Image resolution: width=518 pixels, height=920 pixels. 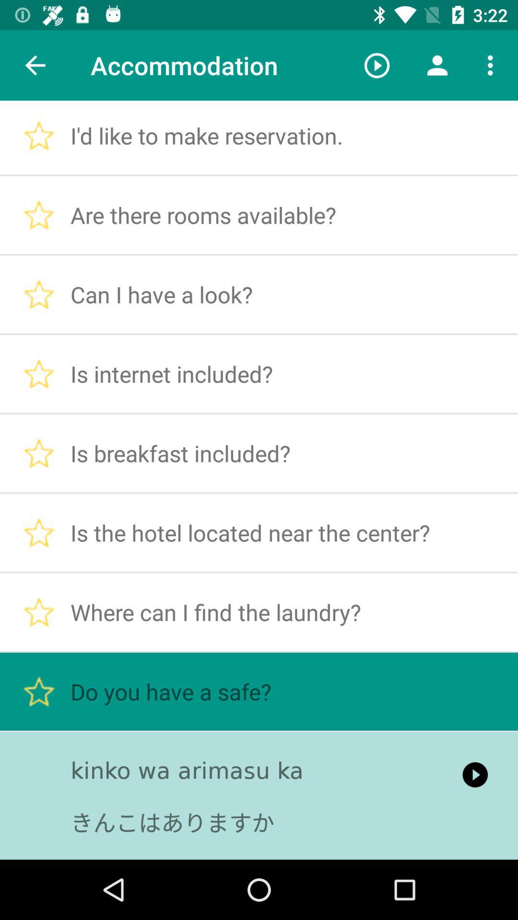 What do you see at coordinates (377, 65) in the screenshot?
I see `the icon above i d like item` at bounding box center [377, 65].